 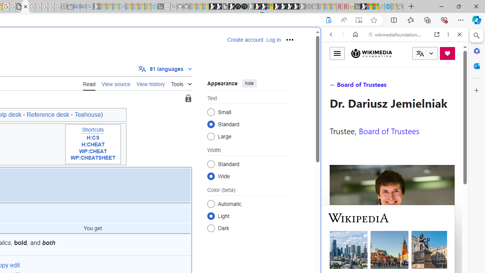 I want to click on 'WP:CHEATSHEET', so click(x=92, y=158).